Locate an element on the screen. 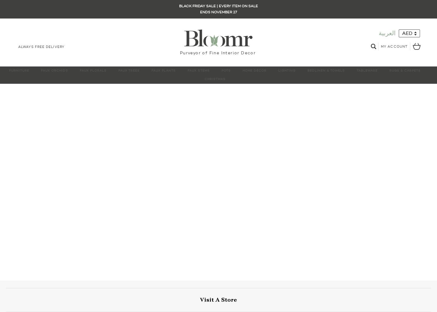 This screenshot has width=437, height=312. 'My Account' is located at coordinates (394, 46).